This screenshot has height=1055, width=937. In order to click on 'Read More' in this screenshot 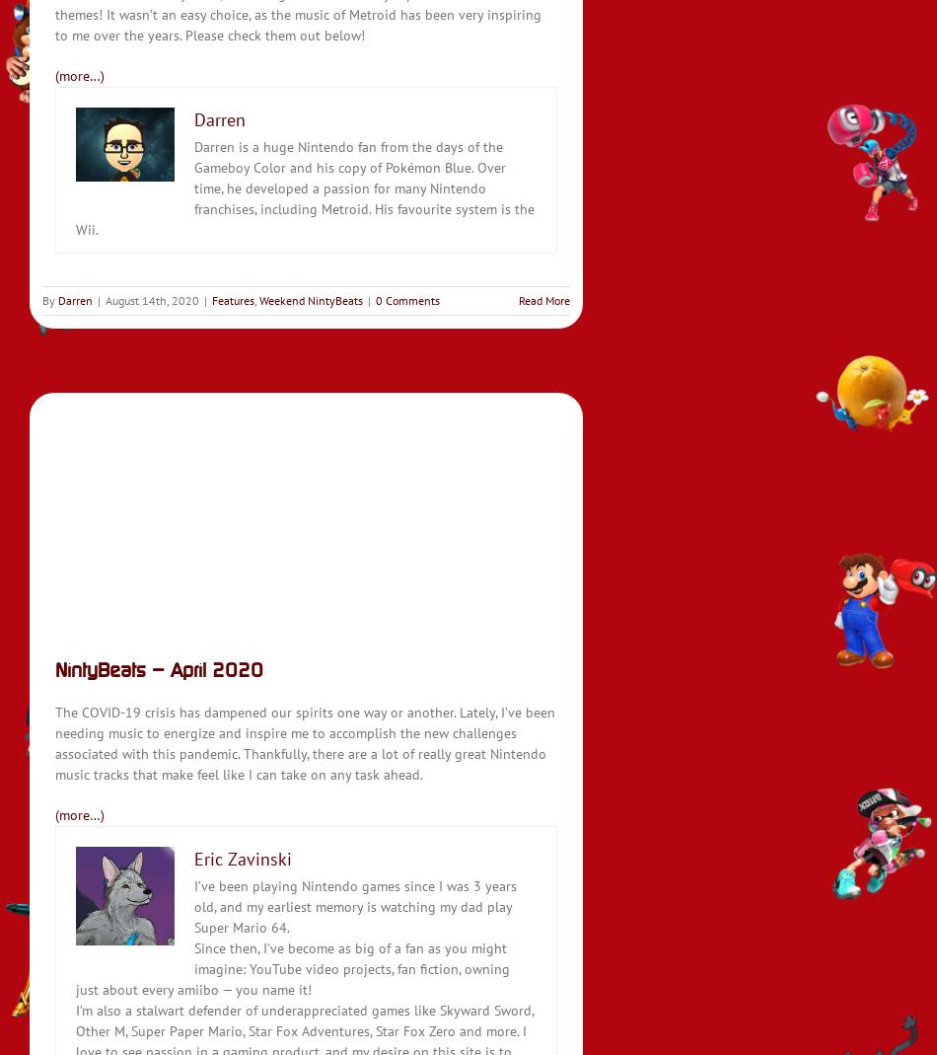, I will do `click(517, 298)`.